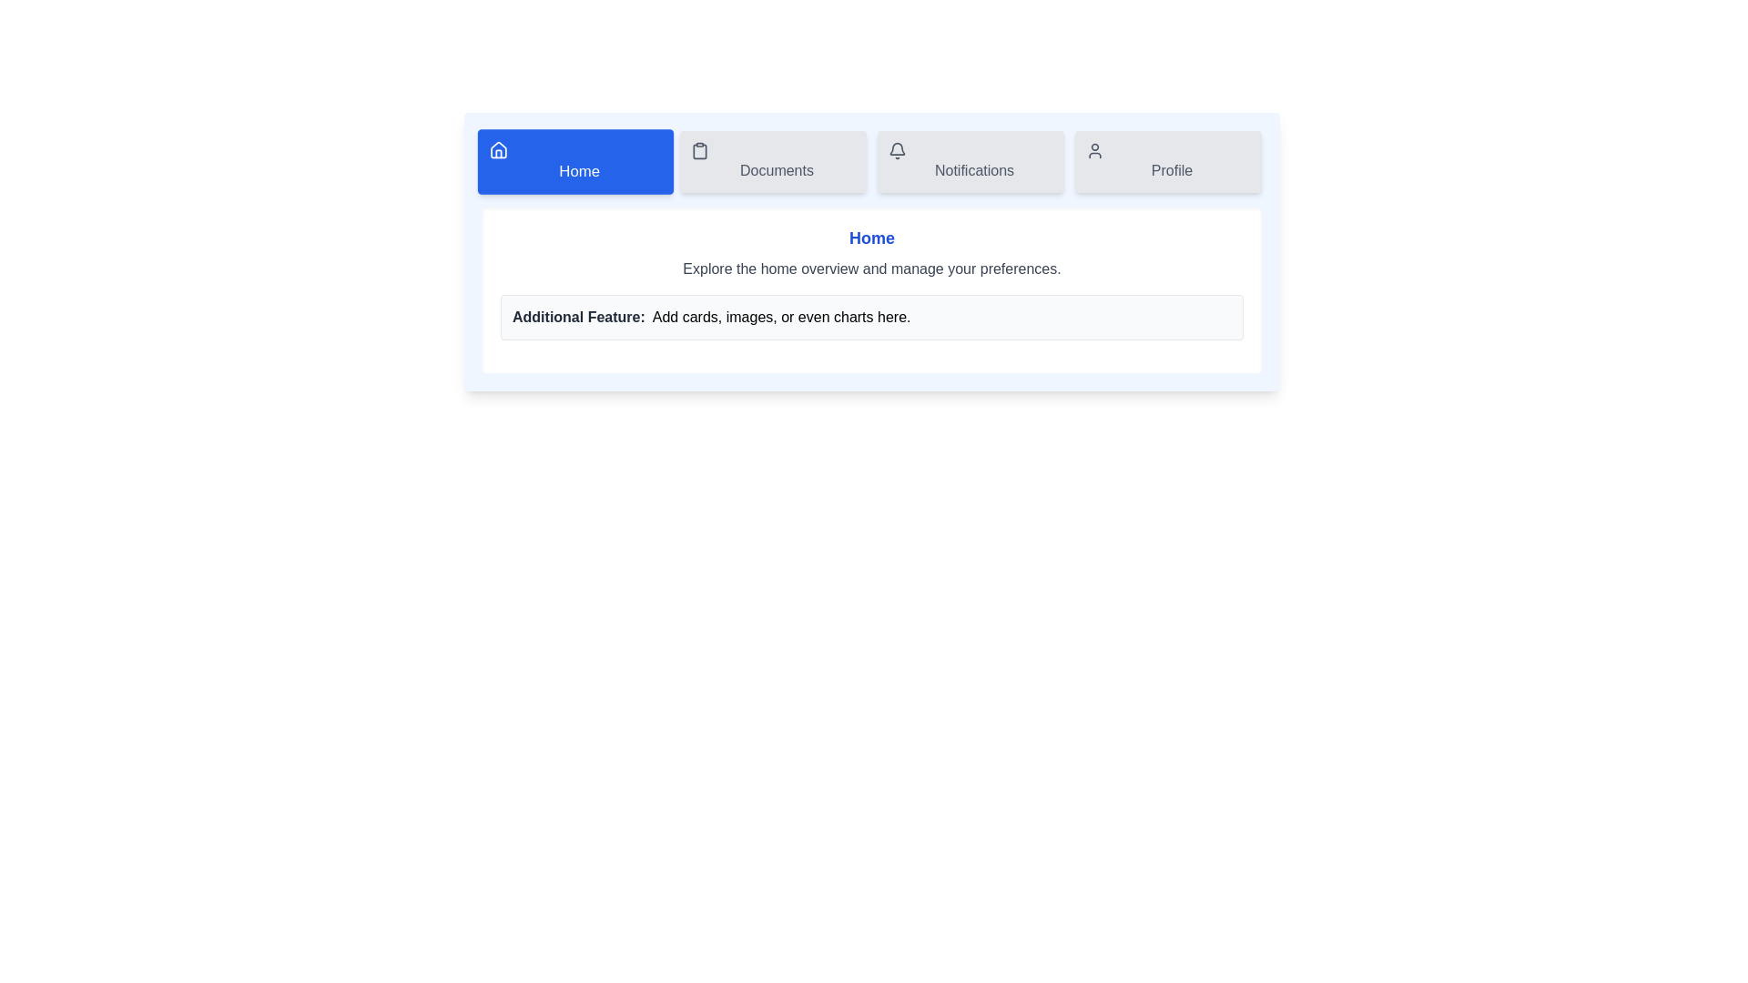 The image size is (1748, 983). Describe the element at coordinates (970, 160) in the screenshot. I see `the Notifications tab by clicking its button` at that location.